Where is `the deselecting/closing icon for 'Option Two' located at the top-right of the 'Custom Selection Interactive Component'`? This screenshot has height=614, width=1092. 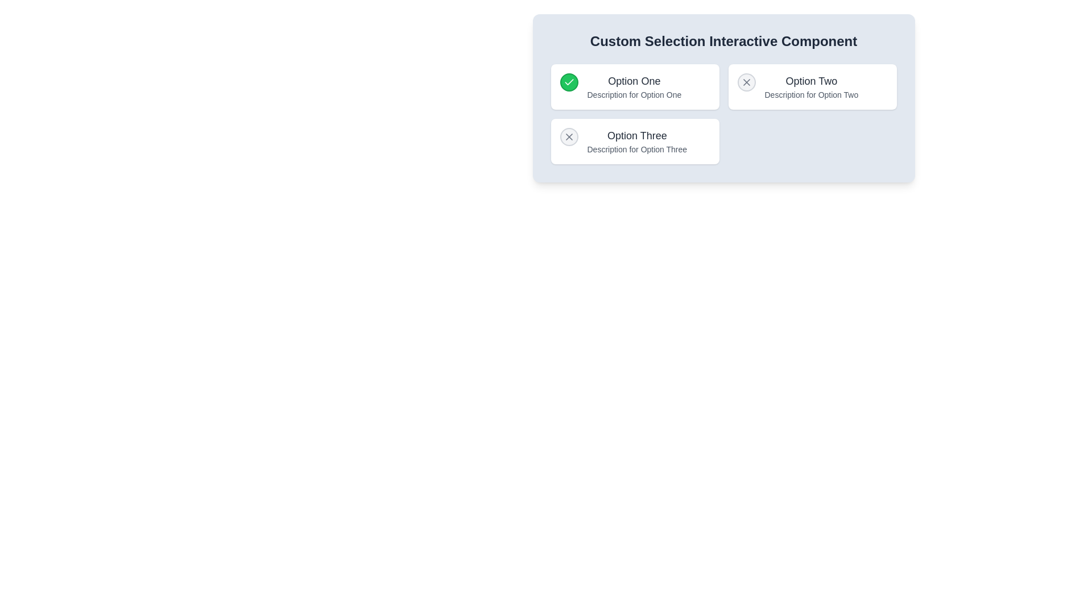 the deselecting/closing icon for 'Option Two' located at the top-right of the 'Custom Selection Interactive Component' is located at coordinates (746, 82).